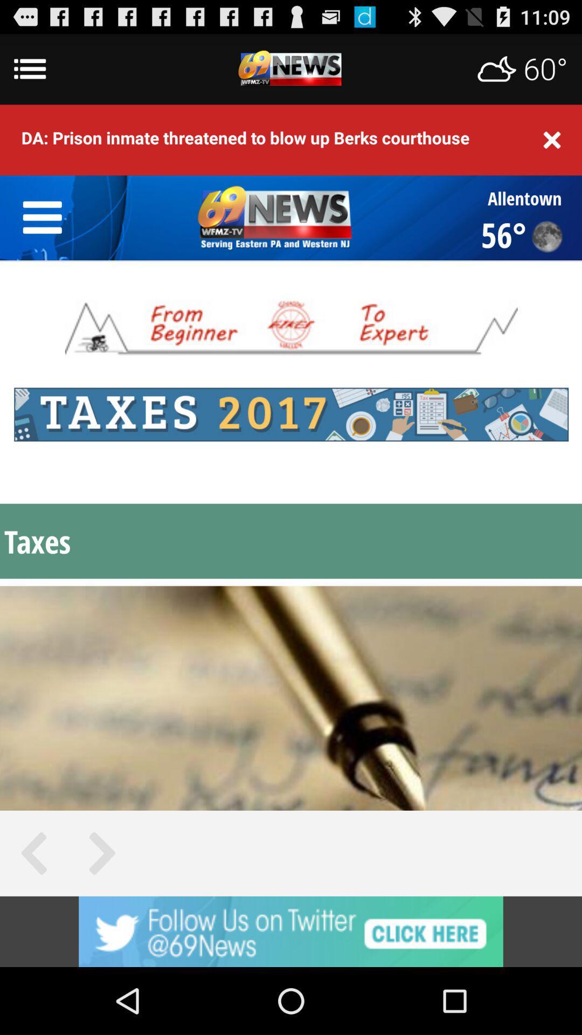 This screenshot has height=1035, width=582. Describe the element at coordinates (291, 68) in the screenshot. I see `advertismenet` at that location.